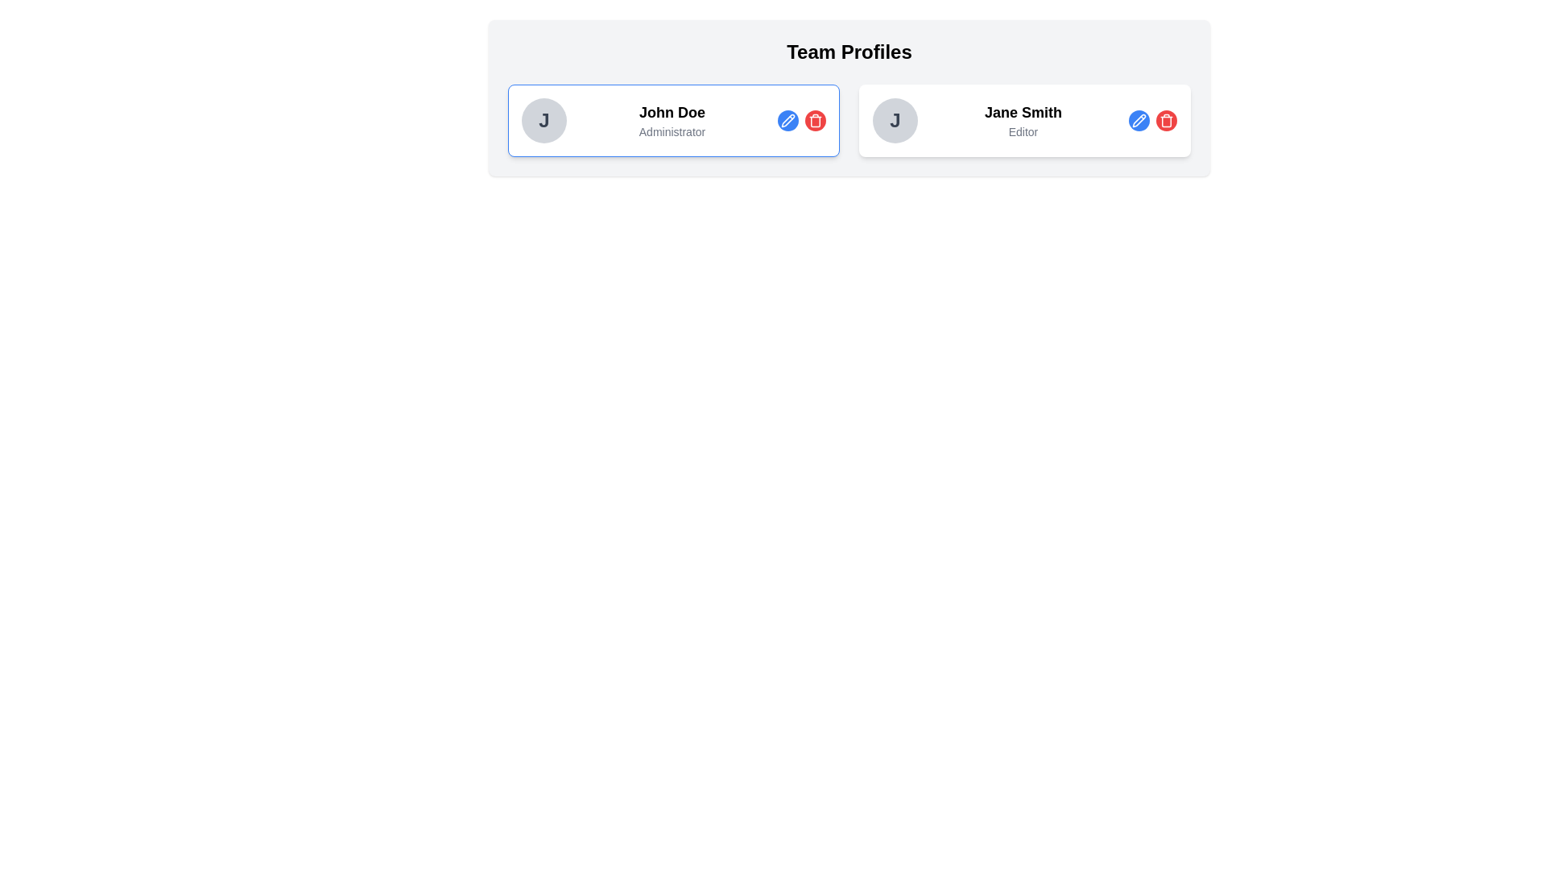 The height and width of the screenshot is (870, 1546). What do you see at coordinates (1167, 120) in the screenshot?
I see `the circular red delete button with a white trash icon located at the rightmost position of the two buttons in Jane Smith's profile card` at bounding box center [1167, 120].